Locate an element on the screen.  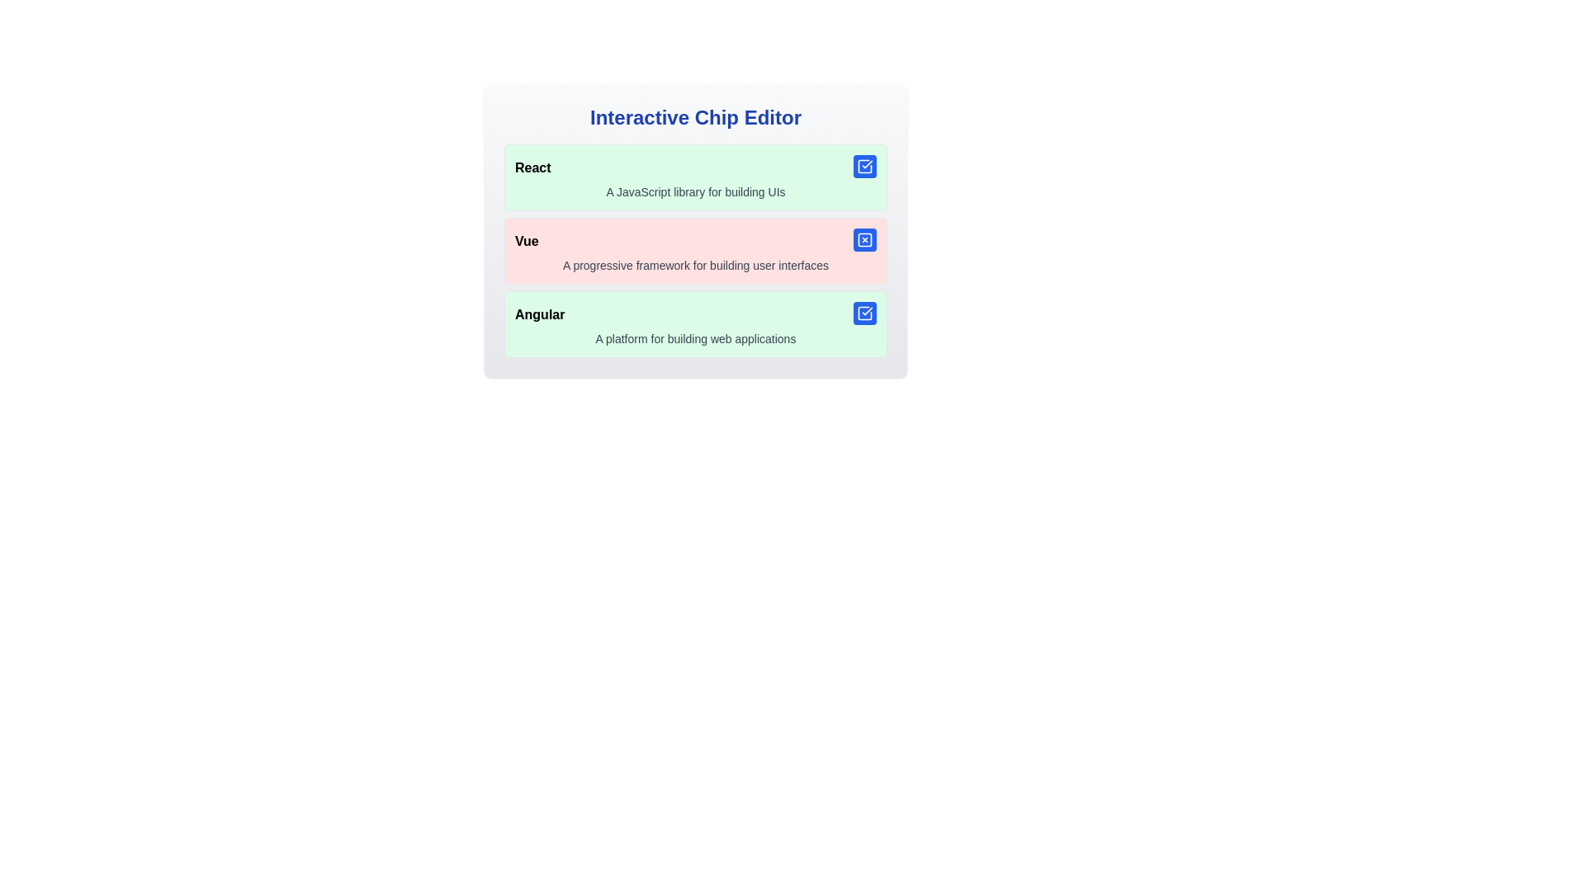
the label and description of the chip item React is located at coordinates (696, 177).